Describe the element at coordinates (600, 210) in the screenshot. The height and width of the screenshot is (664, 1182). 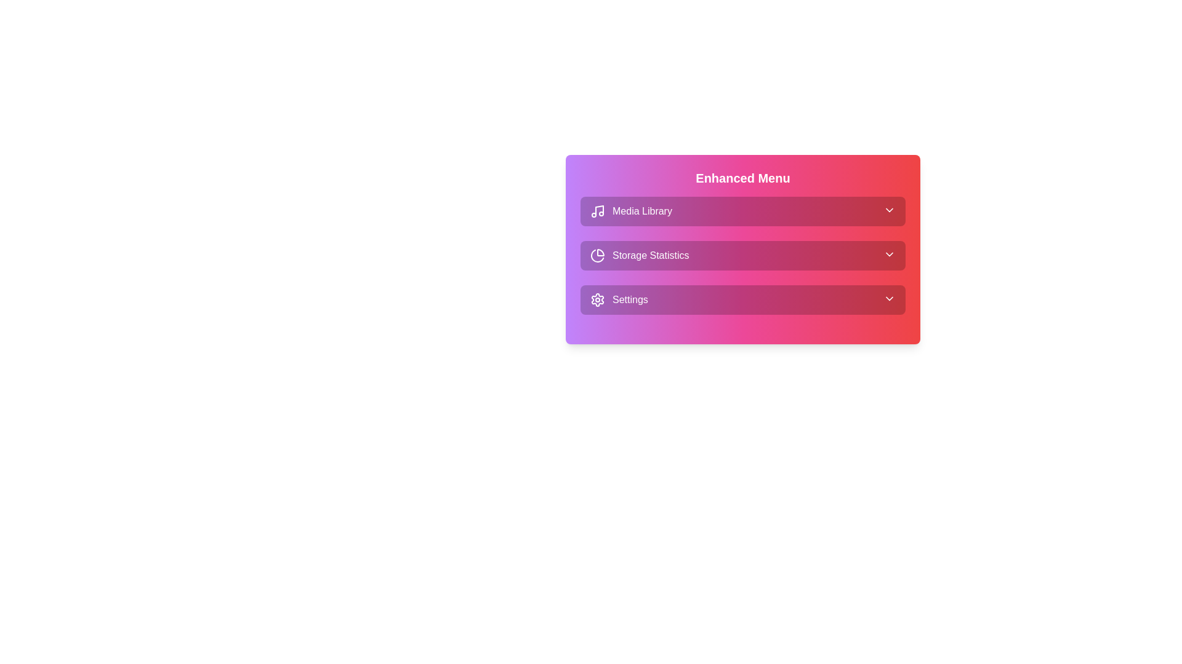
I see `the vertical bar of the musical note icon within the 'Media Library' option in the Enhanced Menu` at that location.